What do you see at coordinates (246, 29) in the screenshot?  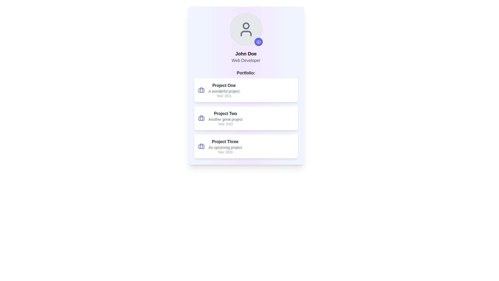 I see `the Circular profile icon located centrally in the card, above the text 'John Doe' and 'Web Developer', which serves as a profile picture placeholder` at bounding box center [246, 29].